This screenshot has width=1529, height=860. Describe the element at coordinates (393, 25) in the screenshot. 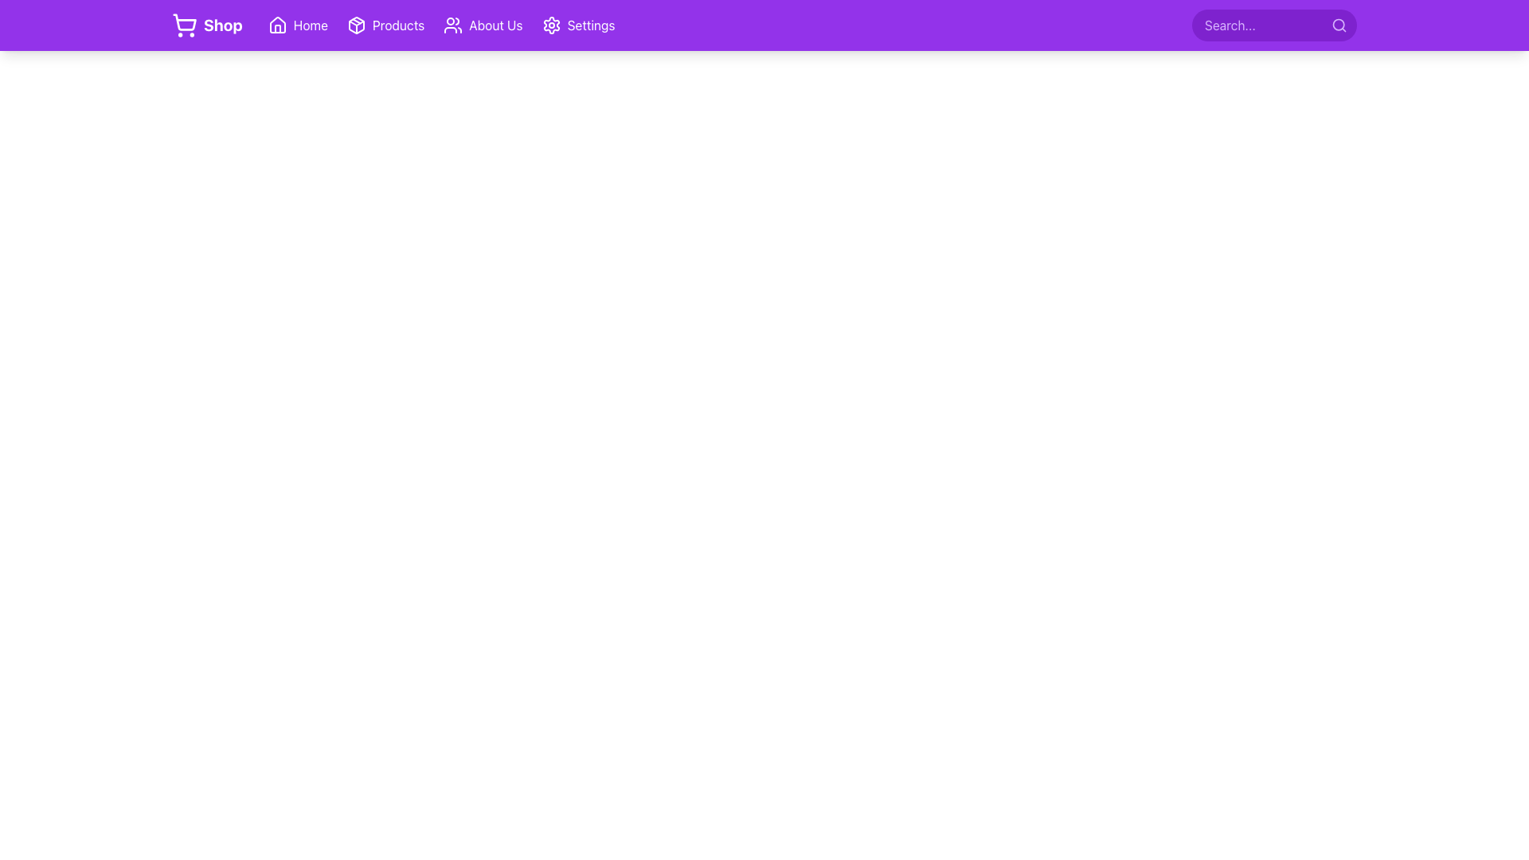

I see `the 'Products' navigation link` at that location.